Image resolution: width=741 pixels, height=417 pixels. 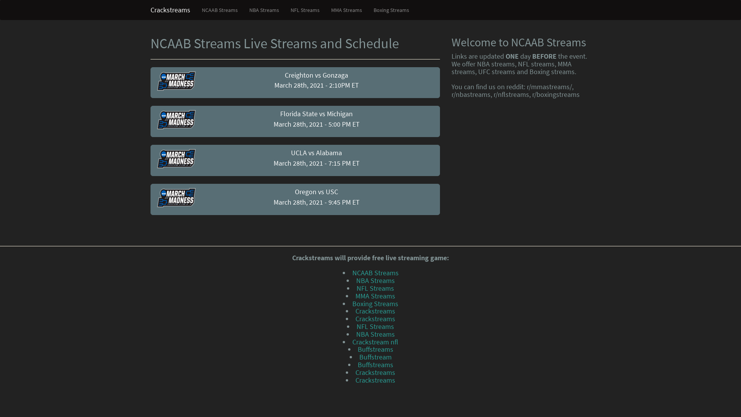 What do you see at coordinates (375, 295) in the screenshot?
I see `'MMA Streams'` at bounding box center [375, 295].